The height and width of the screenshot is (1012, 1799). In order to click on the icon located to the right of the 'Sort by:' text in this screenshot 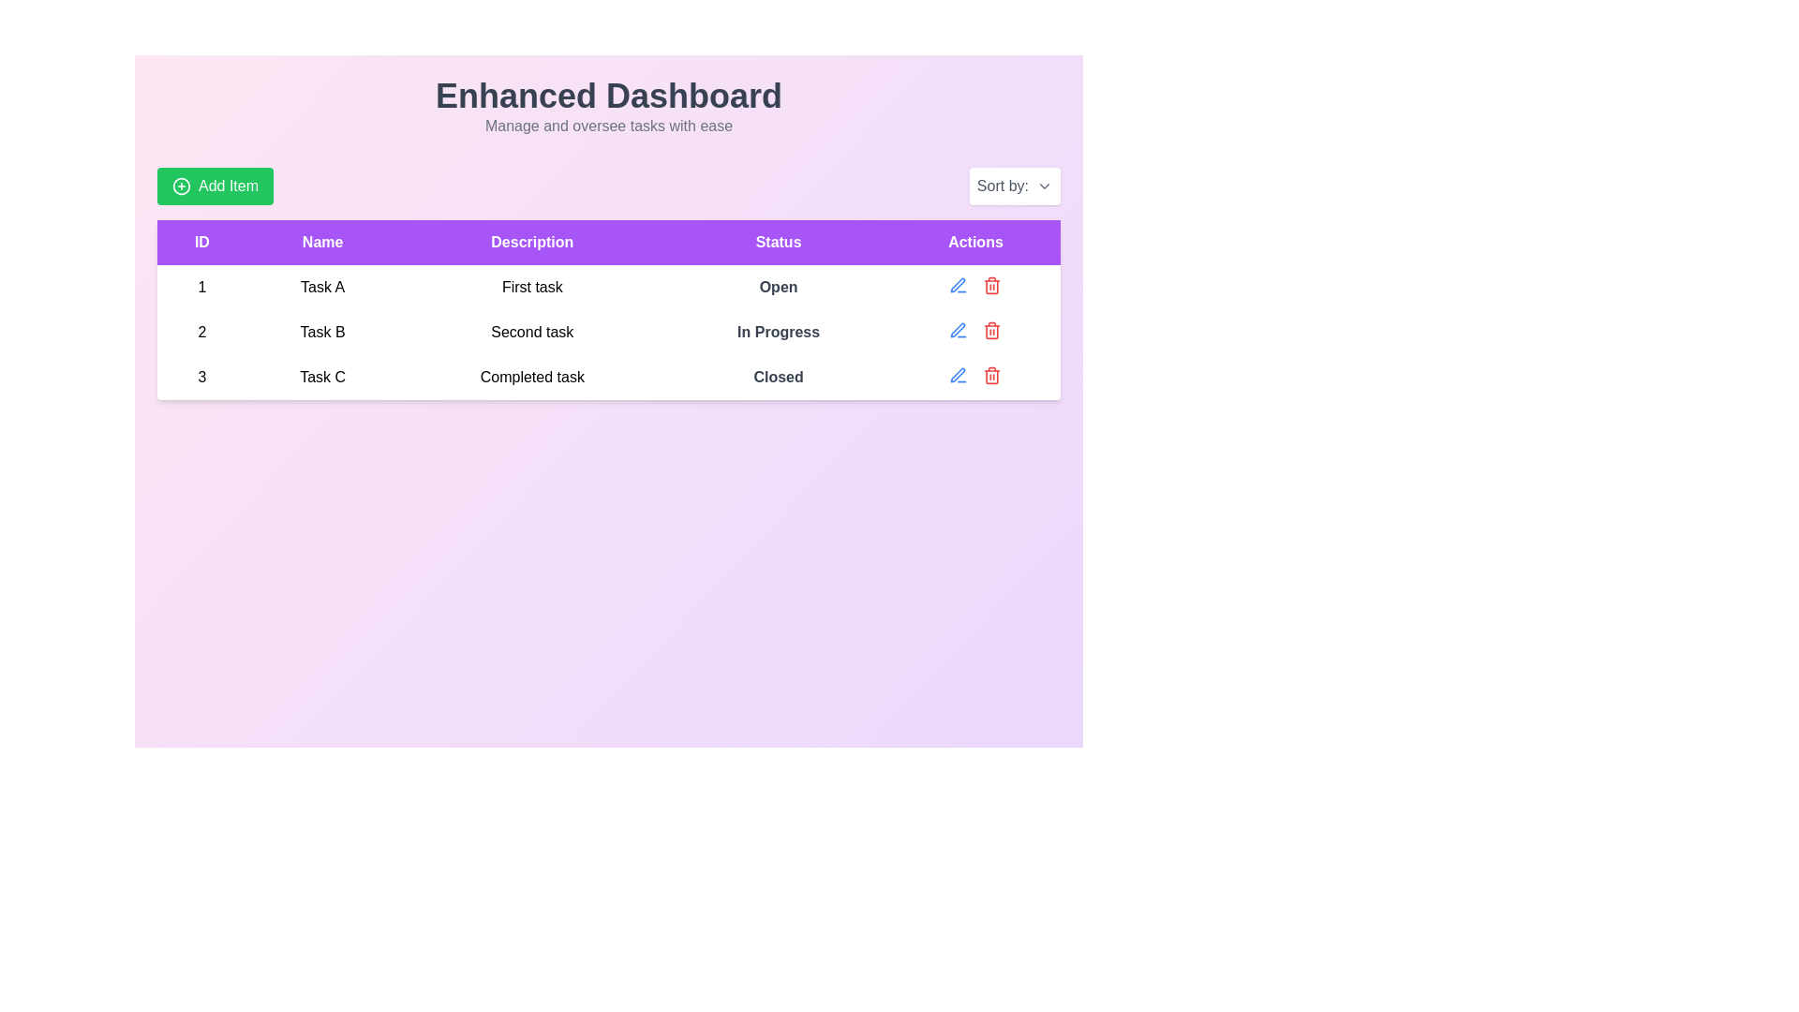, I will do `click(1043, 186)`.